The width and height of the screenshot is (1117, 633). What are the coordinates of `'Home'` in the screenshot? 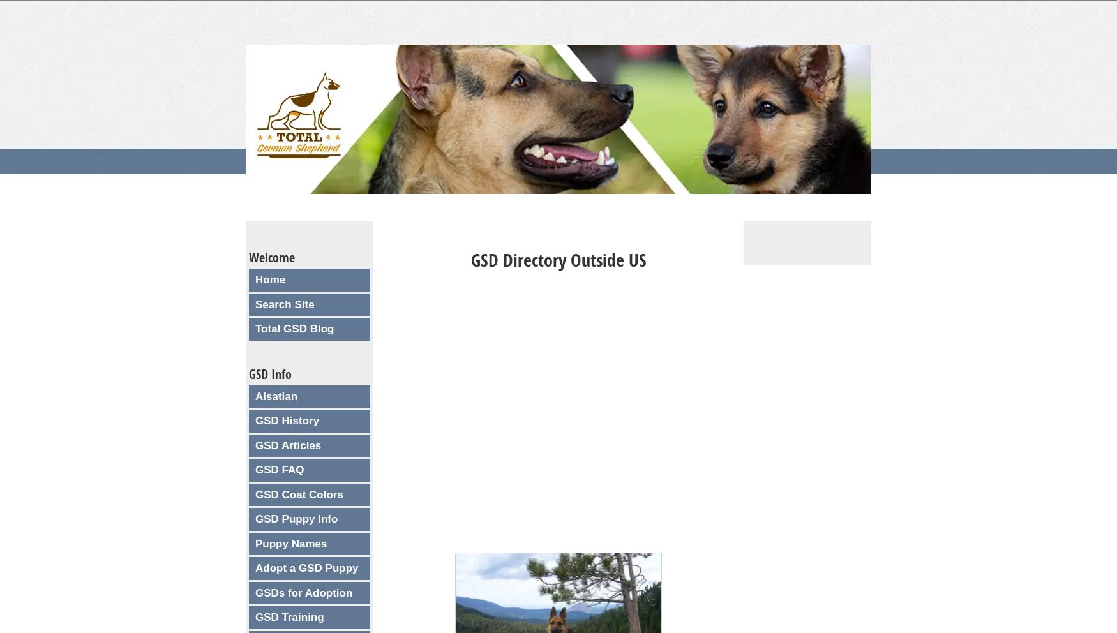 It's located at (269, 279).